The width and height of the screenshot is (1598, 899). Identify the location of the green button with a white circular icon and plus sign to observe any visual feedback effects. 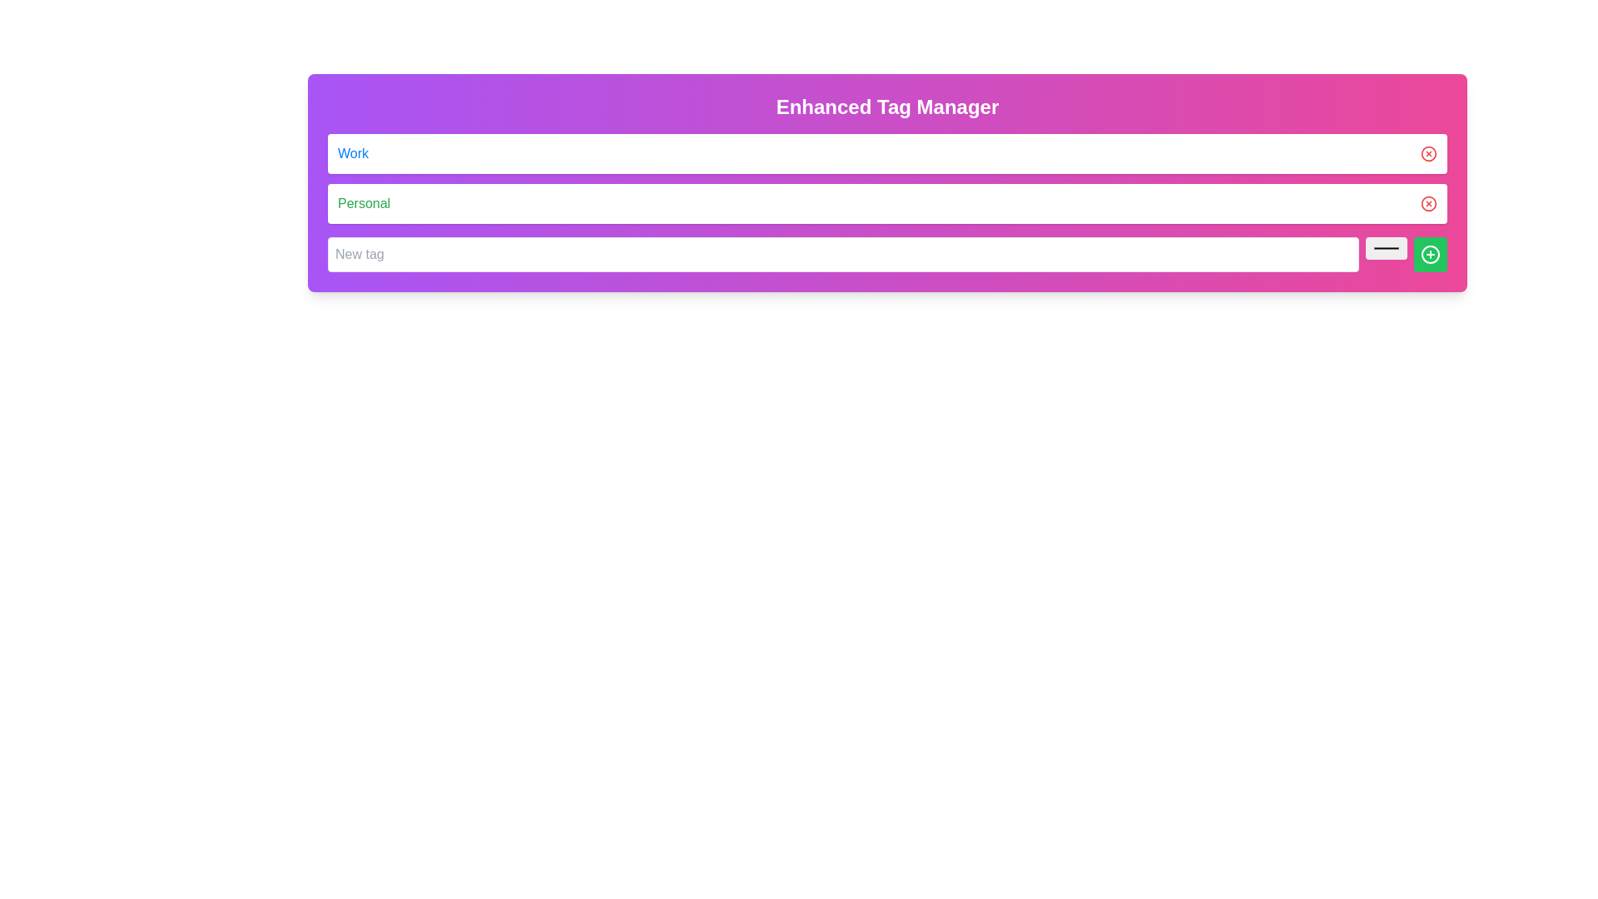
(1429, 254).